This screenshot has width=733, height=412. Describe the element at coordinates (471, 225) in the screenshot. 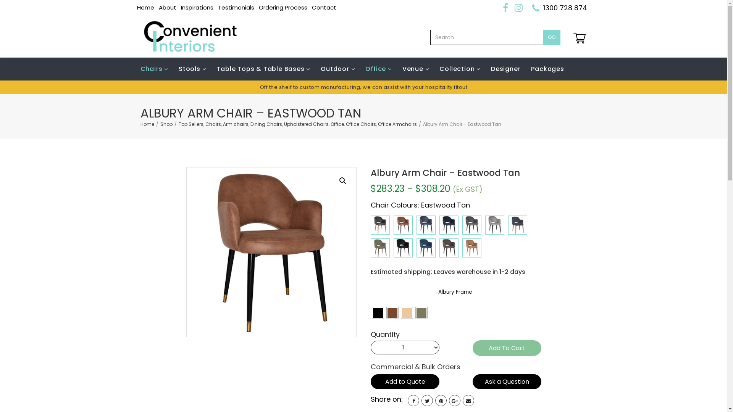

I see `'Albury Arm Chair - Gravity Slate'` at that location.